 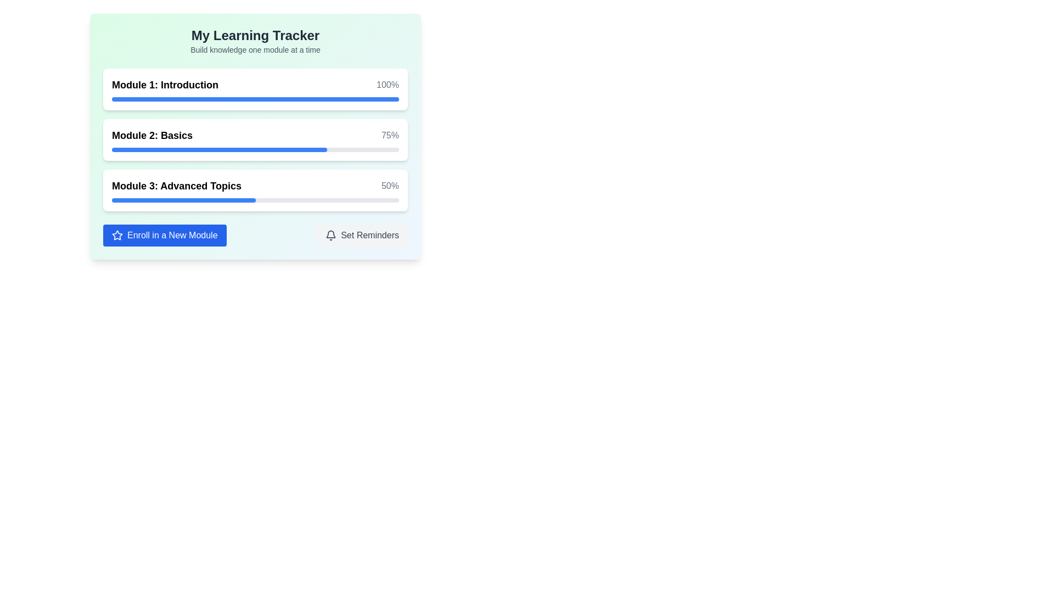 What do you see at coordinates (330, 233) in the screenshot?
I see `the arc of the bell icon, which is a subcomponent located towards the bottom-left of the UI, positioned below the top curve and above the clapper line` at bounding box center [330, 233].